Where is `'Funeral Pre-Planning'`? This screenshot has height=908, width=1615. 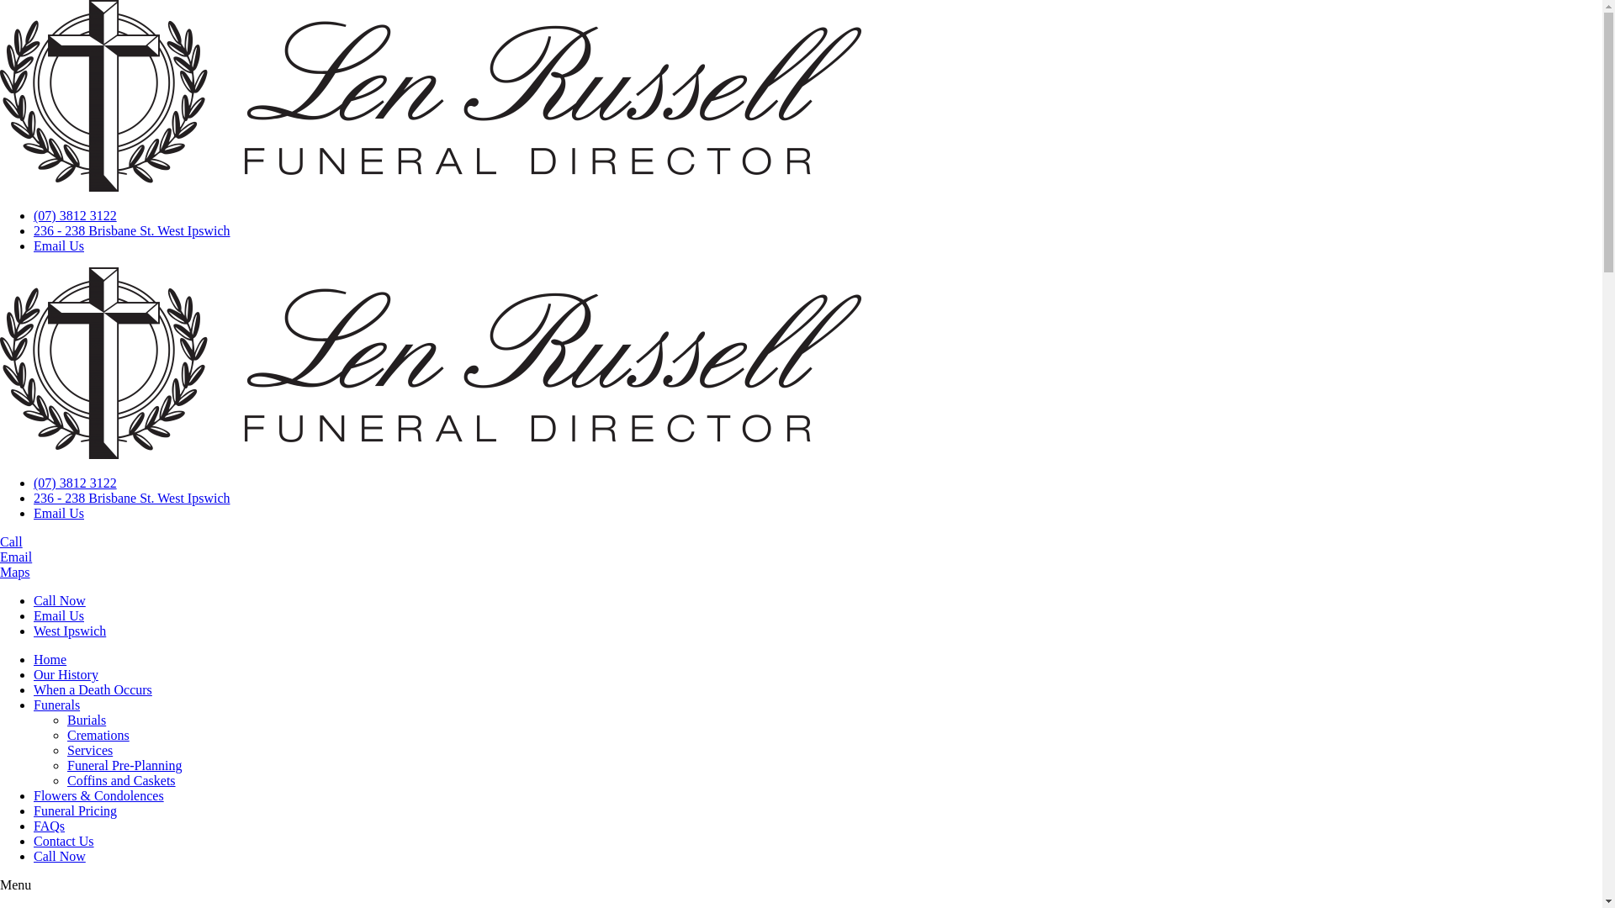 'Funeral Pre-Planning' is located at coordinates (124, 765).